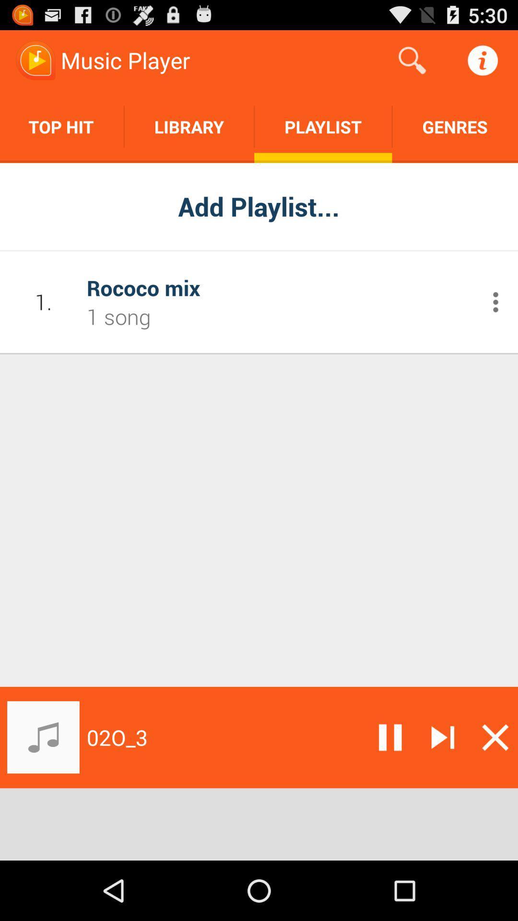 Image resolution: width=518 pixels, height=921 pixels. What do you see at coordinates (495, 301) in the screenshot?
I see `open additional menu commands` at bounding box center [495, 301].